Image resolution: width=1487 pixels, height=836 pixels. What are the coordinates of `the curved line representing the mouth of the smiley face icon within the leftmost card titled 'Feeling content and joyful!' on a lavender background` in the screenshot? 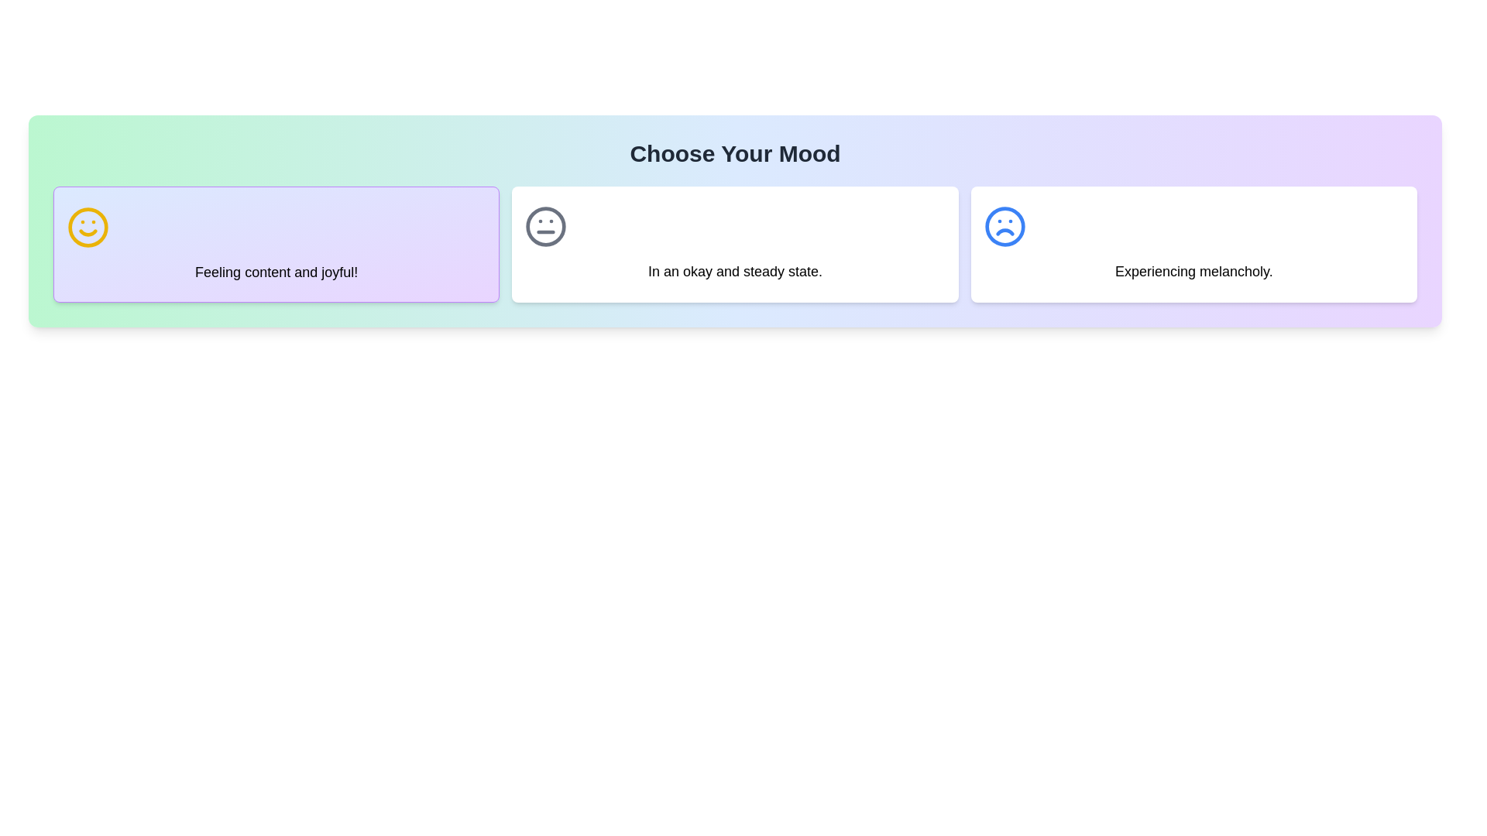 It's located at (88, 232).